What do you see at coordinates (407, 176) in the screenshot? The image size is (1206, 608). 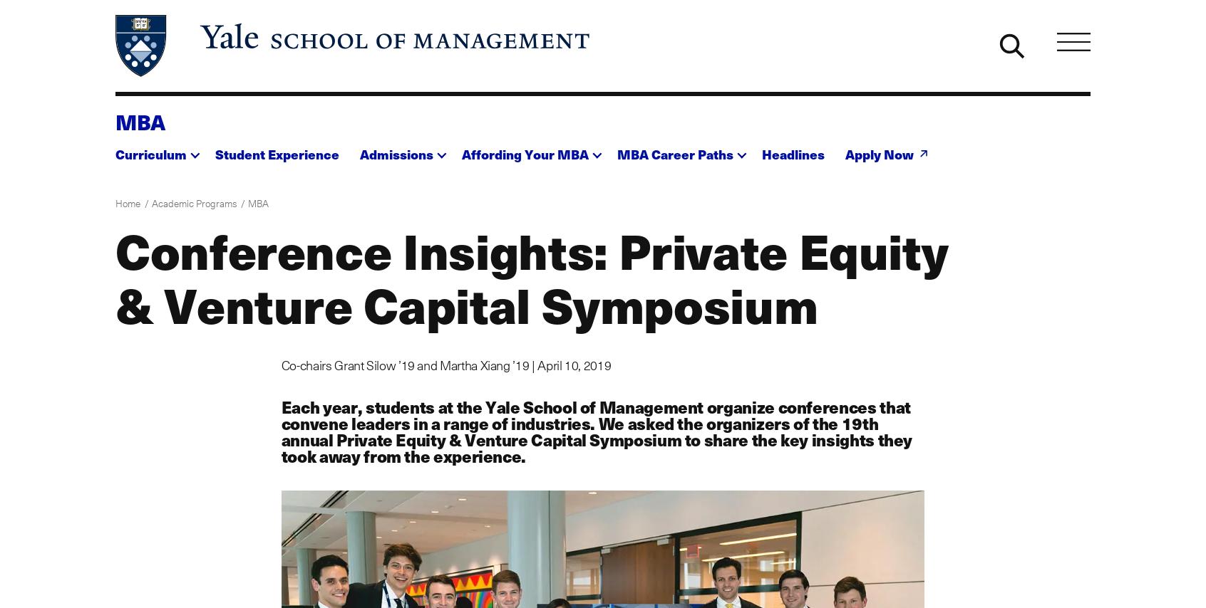 I see `'MBA Admissions'` at bounding box center [407, 176].